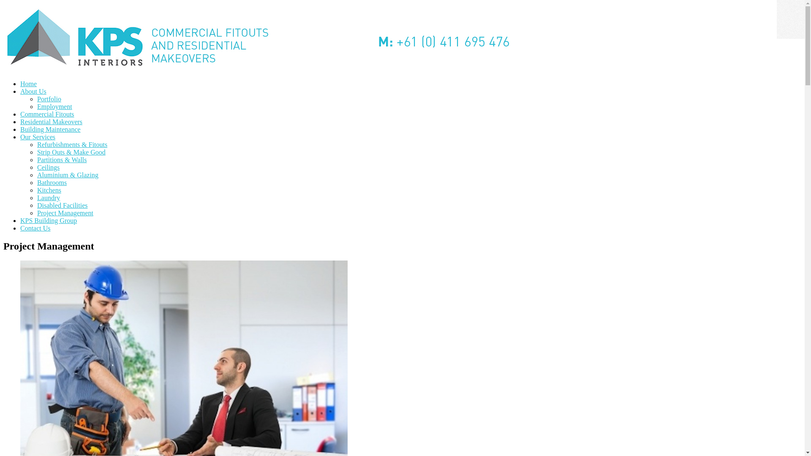  Describe the element at coordinates (49, 190) in the screenshot. I see `'Kitchens'` at that location.